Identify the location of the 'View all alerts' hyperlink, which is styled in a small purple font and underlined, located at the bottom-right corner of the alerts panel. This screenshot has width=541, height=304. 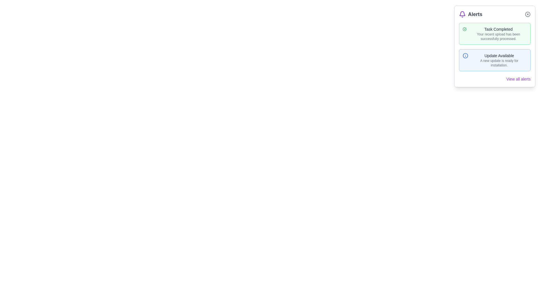
(495, 79).